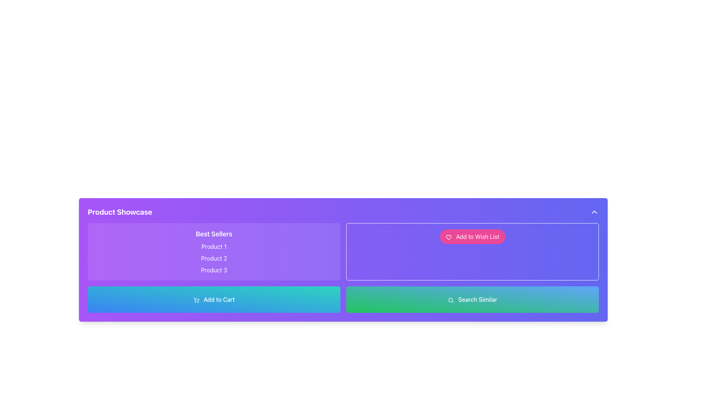 This screenshot has height=397, width=705. What do you see at coordinates (213, 299) in the screenshot?
I see `the 'Add to Cart' button, which features a gradient background from blue to teal and a shopping cart icon on the left with bold white text` at bounding box center [213, 299].